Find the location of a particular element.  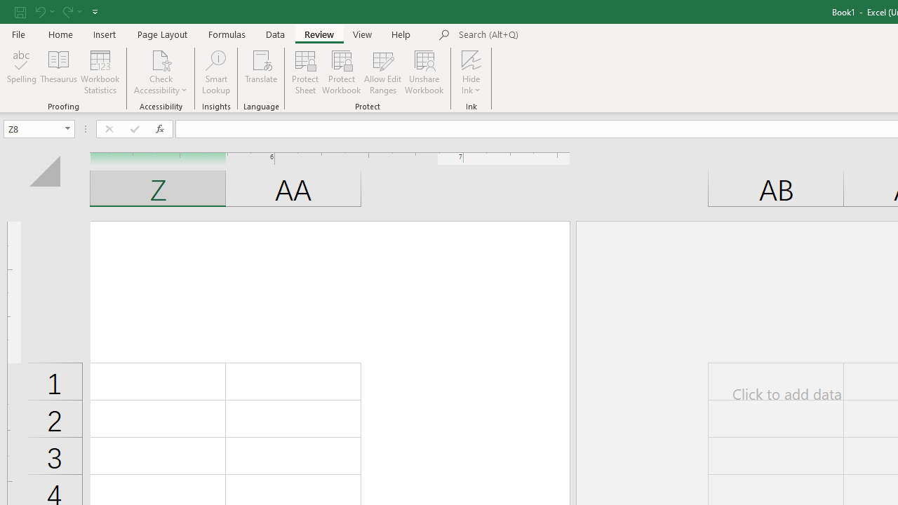

'Allow Edit Ranges' is located at coordinates (382, 72).